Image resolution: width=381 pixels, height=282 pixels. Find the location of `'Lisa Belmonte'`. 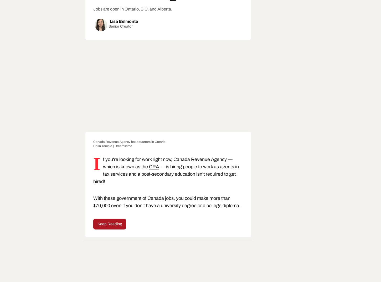

'Lisa Belmonte' is located at coordinates (123, 21).